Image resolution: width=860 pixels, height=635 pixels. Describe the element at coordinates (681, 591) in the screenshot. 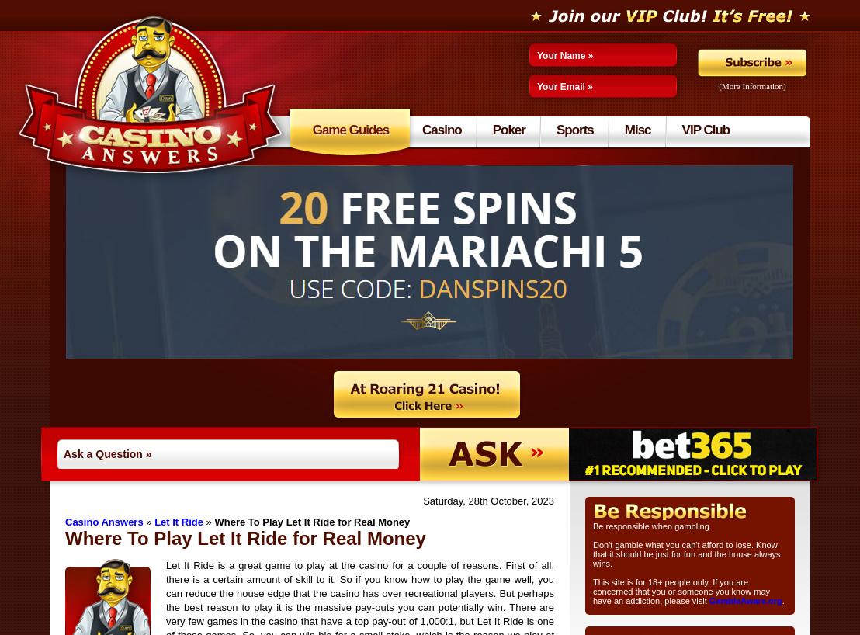

I see `'This site is for 18+ people only. If you are concerned that you or someone you know may have an addiction, please visit'` at that location.